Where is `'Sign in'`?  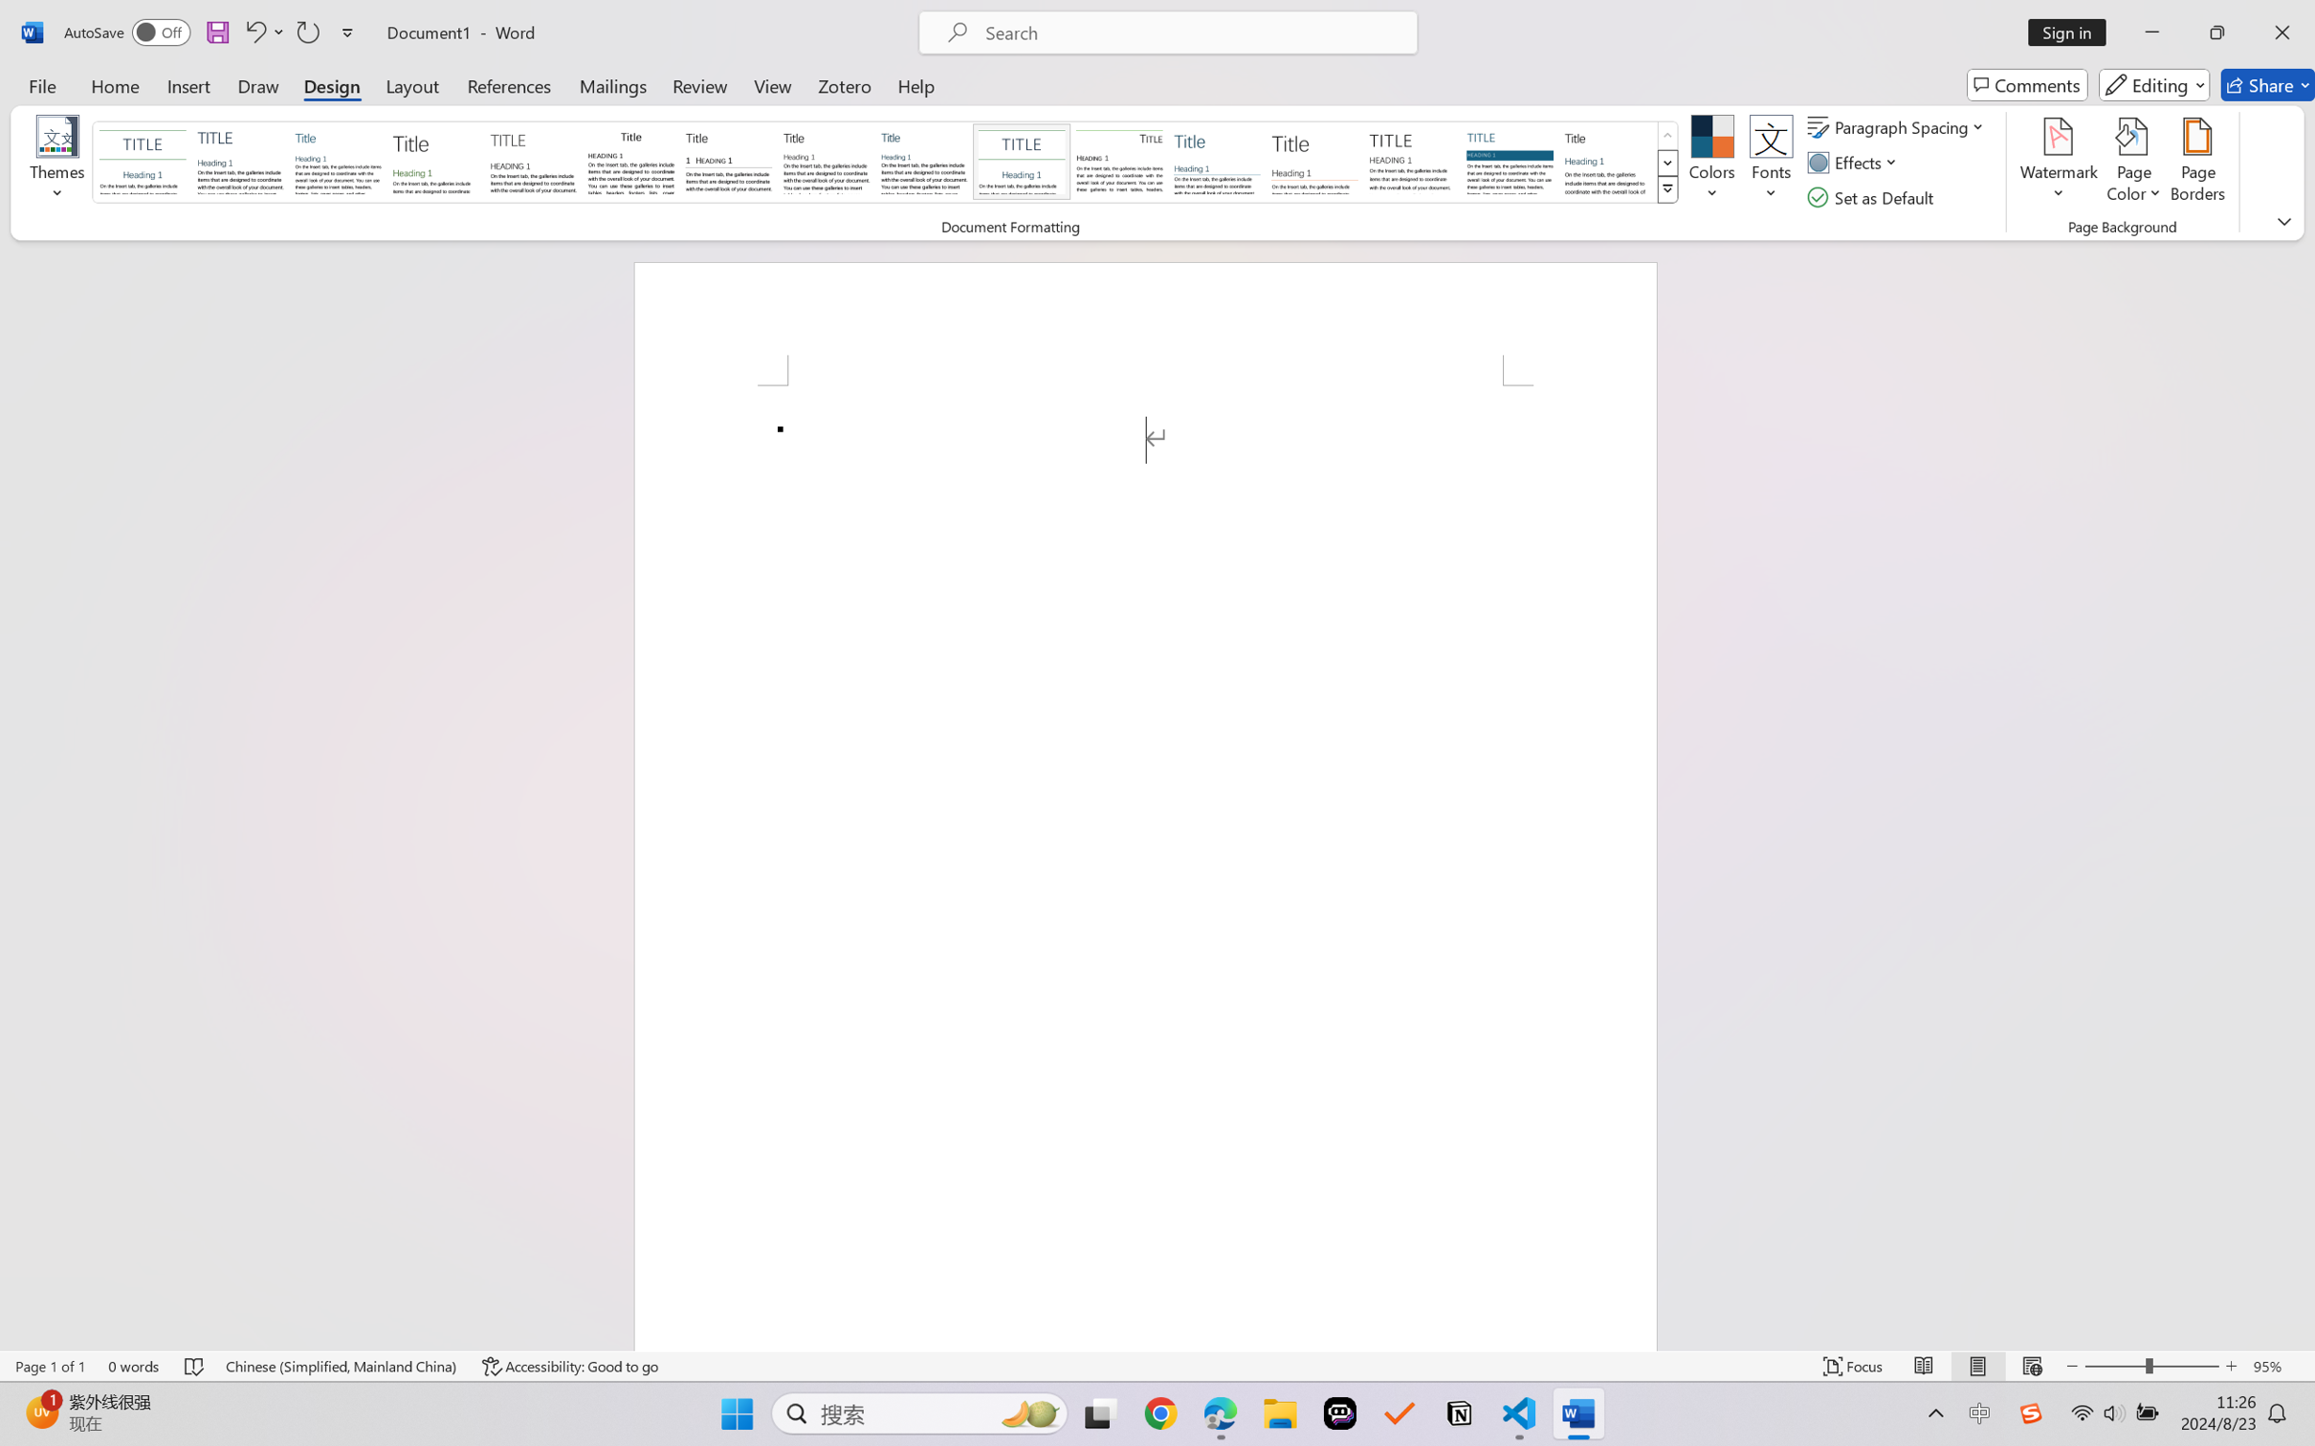
'Sign in' is located at coordinates (2074, 32).